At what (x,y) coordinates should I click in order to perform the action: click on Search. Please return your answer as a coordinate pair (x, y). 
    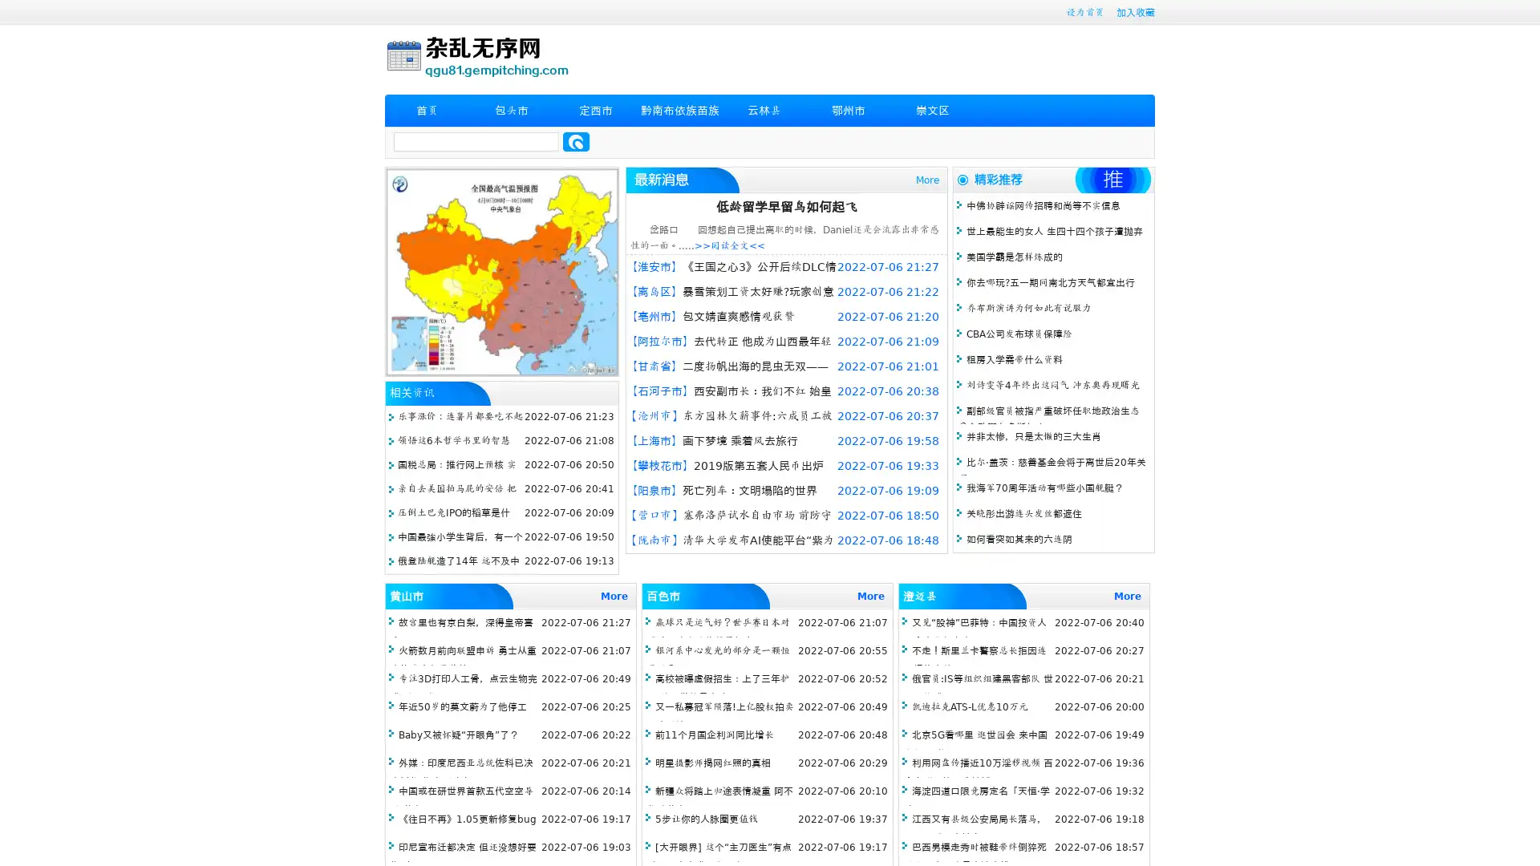
    Looking at the image, I should click on (576, 141).